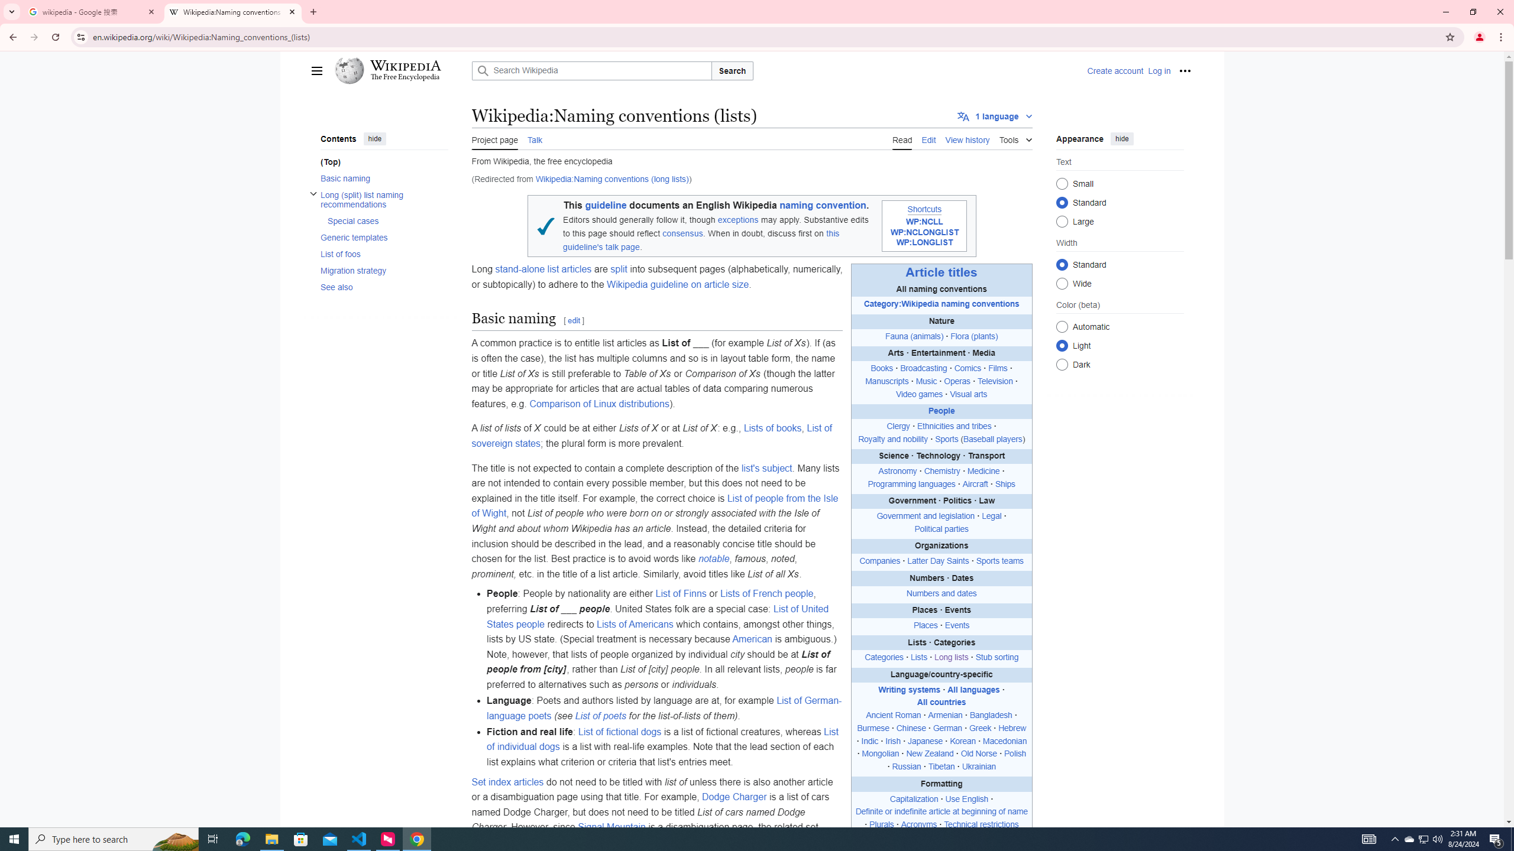 The height and width of the screenshot is (851, 1514). I want to click on 'Tools', so click(1015, 138).